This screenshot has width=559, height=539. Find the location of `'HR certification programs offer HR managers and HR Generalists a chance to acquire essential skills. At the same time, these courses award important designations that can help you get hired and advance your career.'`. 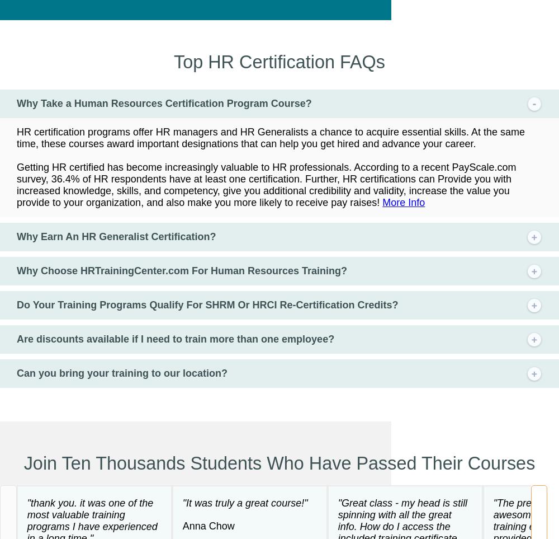

'HR certification programs offer HR managers and HR Generalists a chance to acquire essential skills. At the same time, these courses award important designations that can help you get hired and advance your career.' is located at coordinates (270, 137).